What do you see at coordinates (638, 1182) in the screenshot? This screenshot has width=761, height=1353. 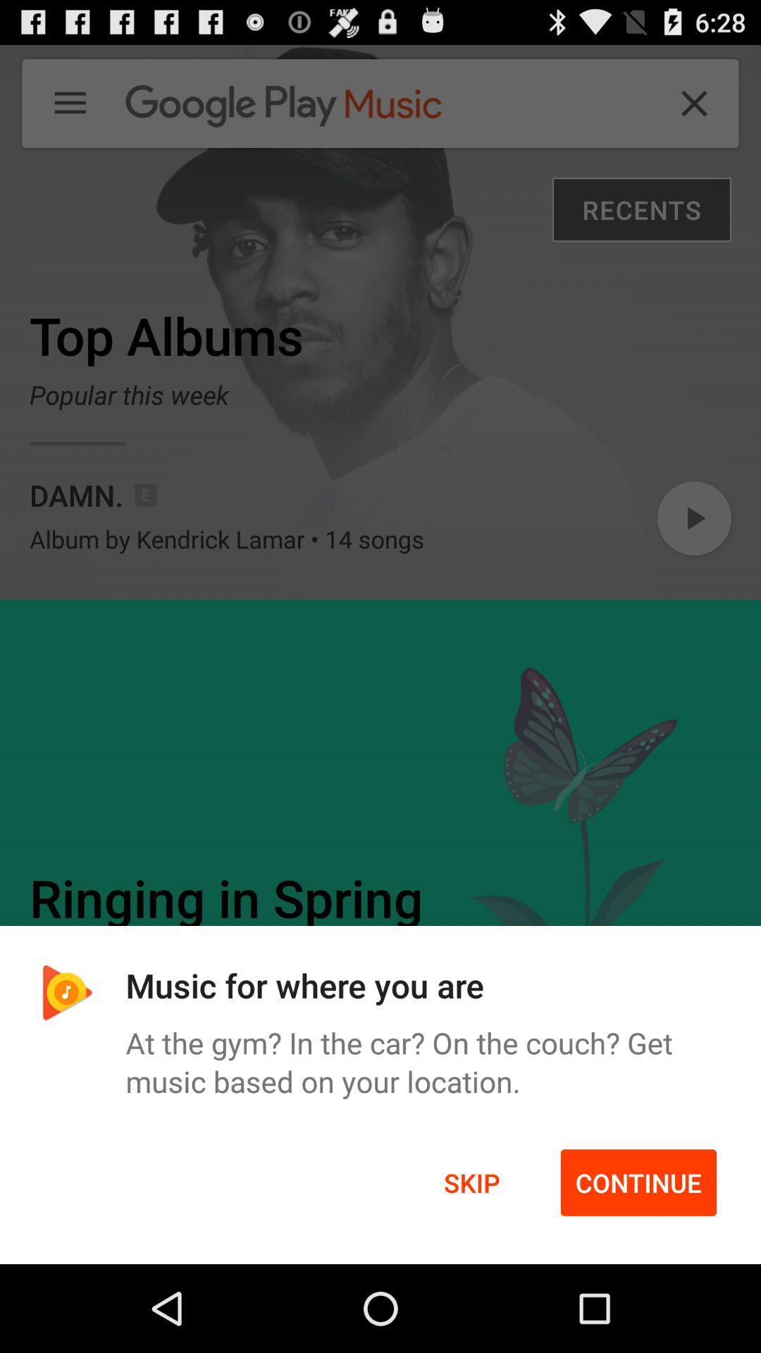 I see `the icon next to skip item` at bounding box center [638, 1182].